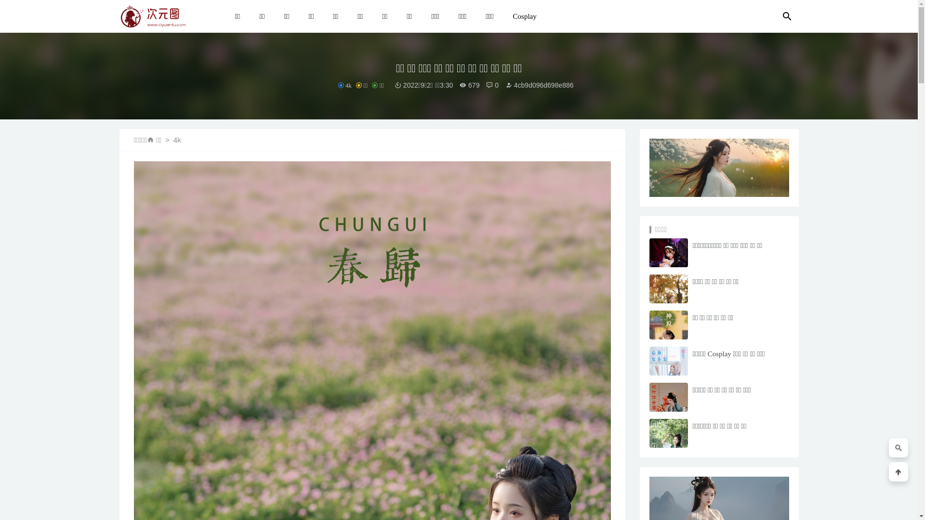 Image resolution: width=925 pixels, height=520 pixels. Describe the element at coordinates (177, 140) in the screenshot. I see `'4k'` at that location.